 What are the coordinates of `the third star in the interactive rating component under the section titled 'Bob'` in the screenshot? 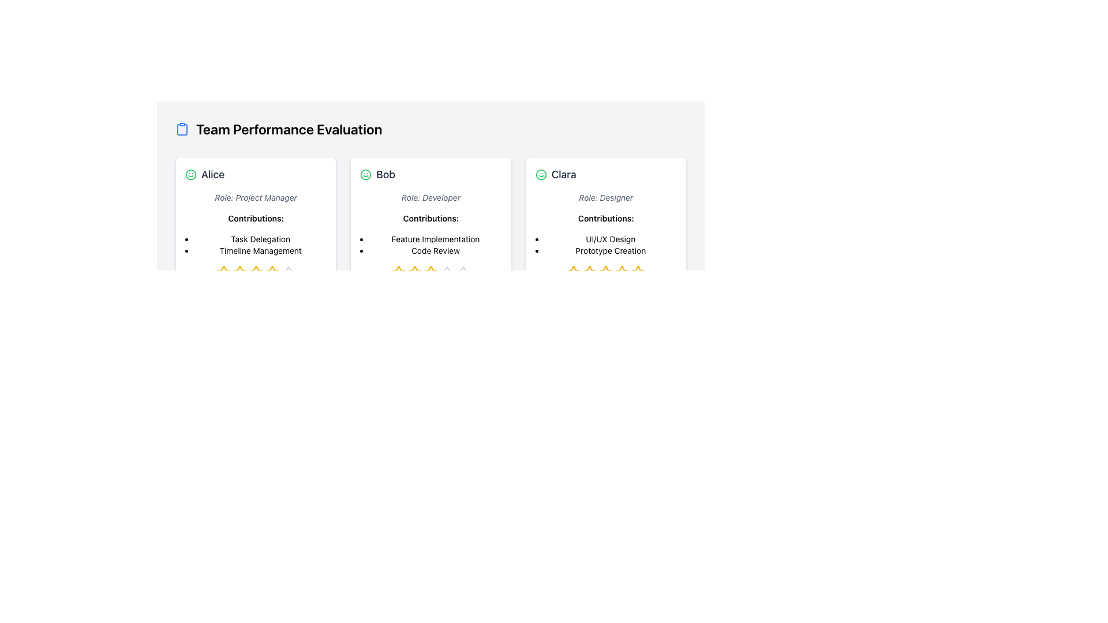 It's located at (415, 273).